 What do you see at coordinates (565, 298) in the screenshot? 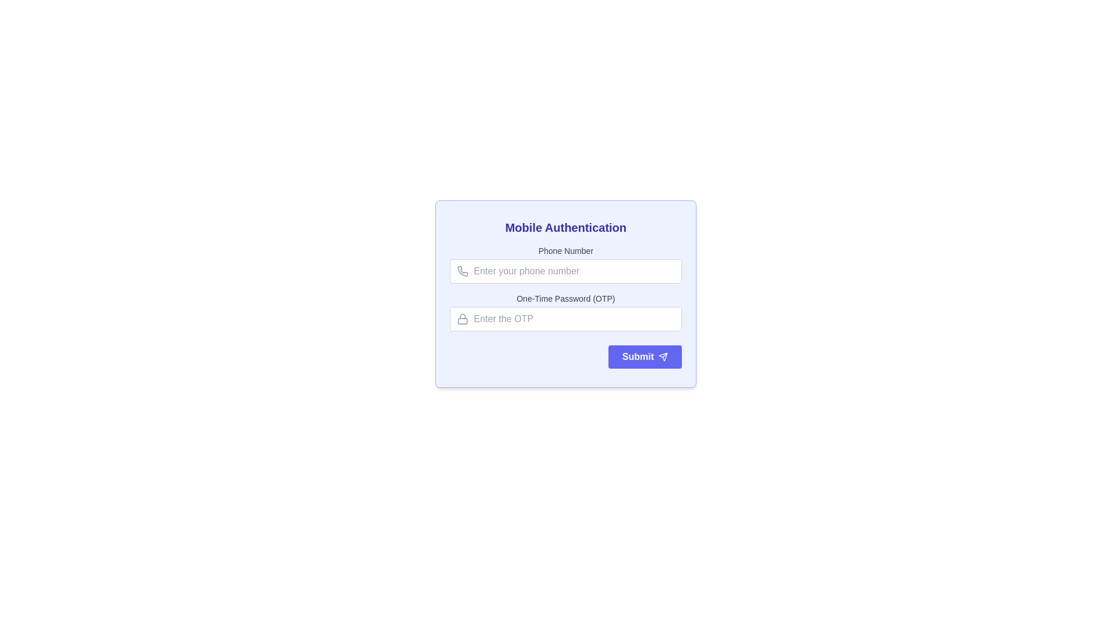
I see `the 'One-Time Password (OTP)' label in the mobile authentication form, which is styled in gray and positioned above the input box` at bounding box center [565, 298].